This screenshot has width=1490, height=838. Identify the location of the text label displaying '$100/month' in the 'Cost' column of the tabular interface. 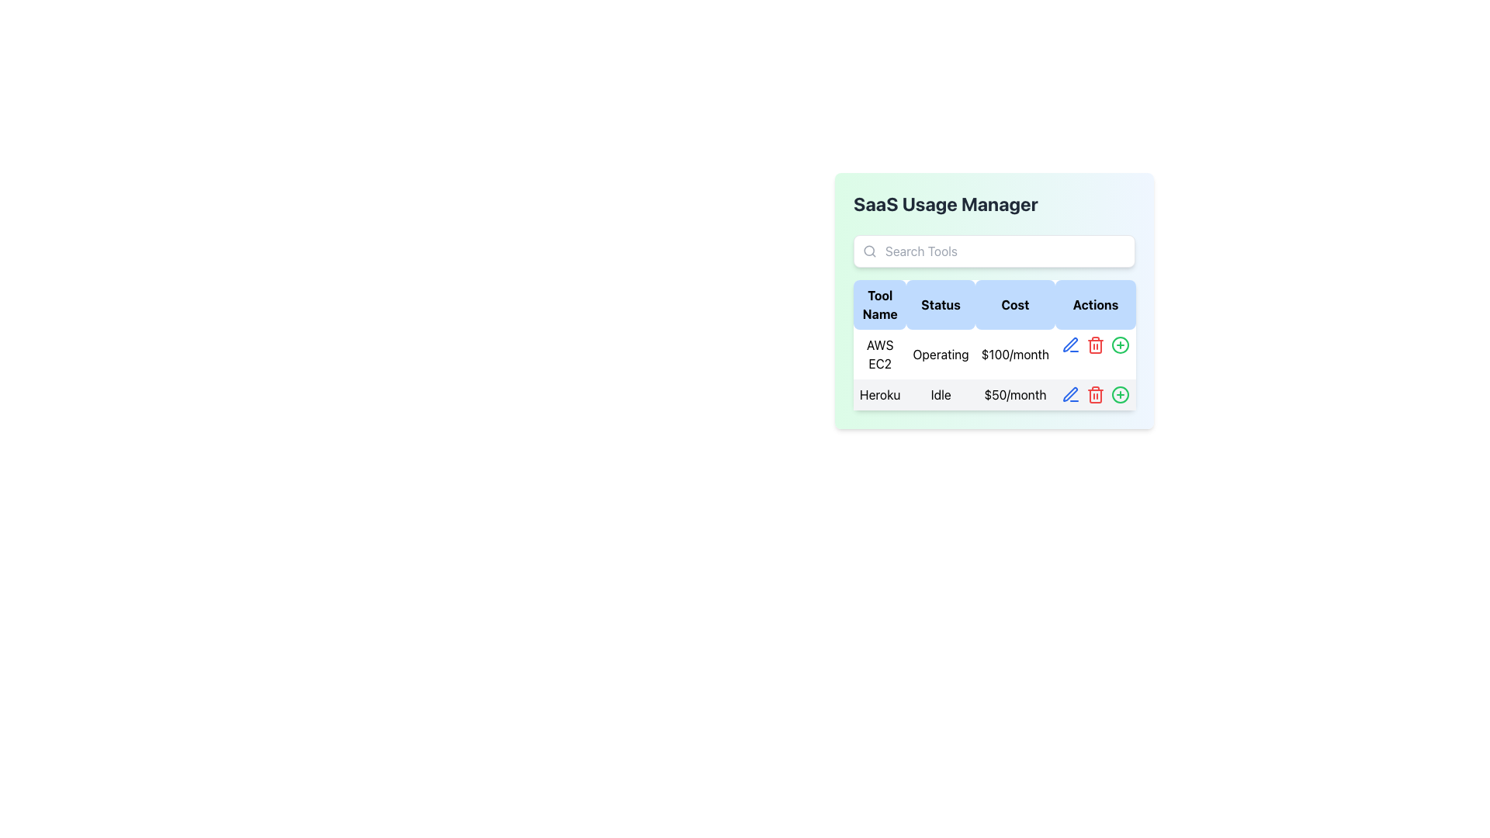
(1015, 354).